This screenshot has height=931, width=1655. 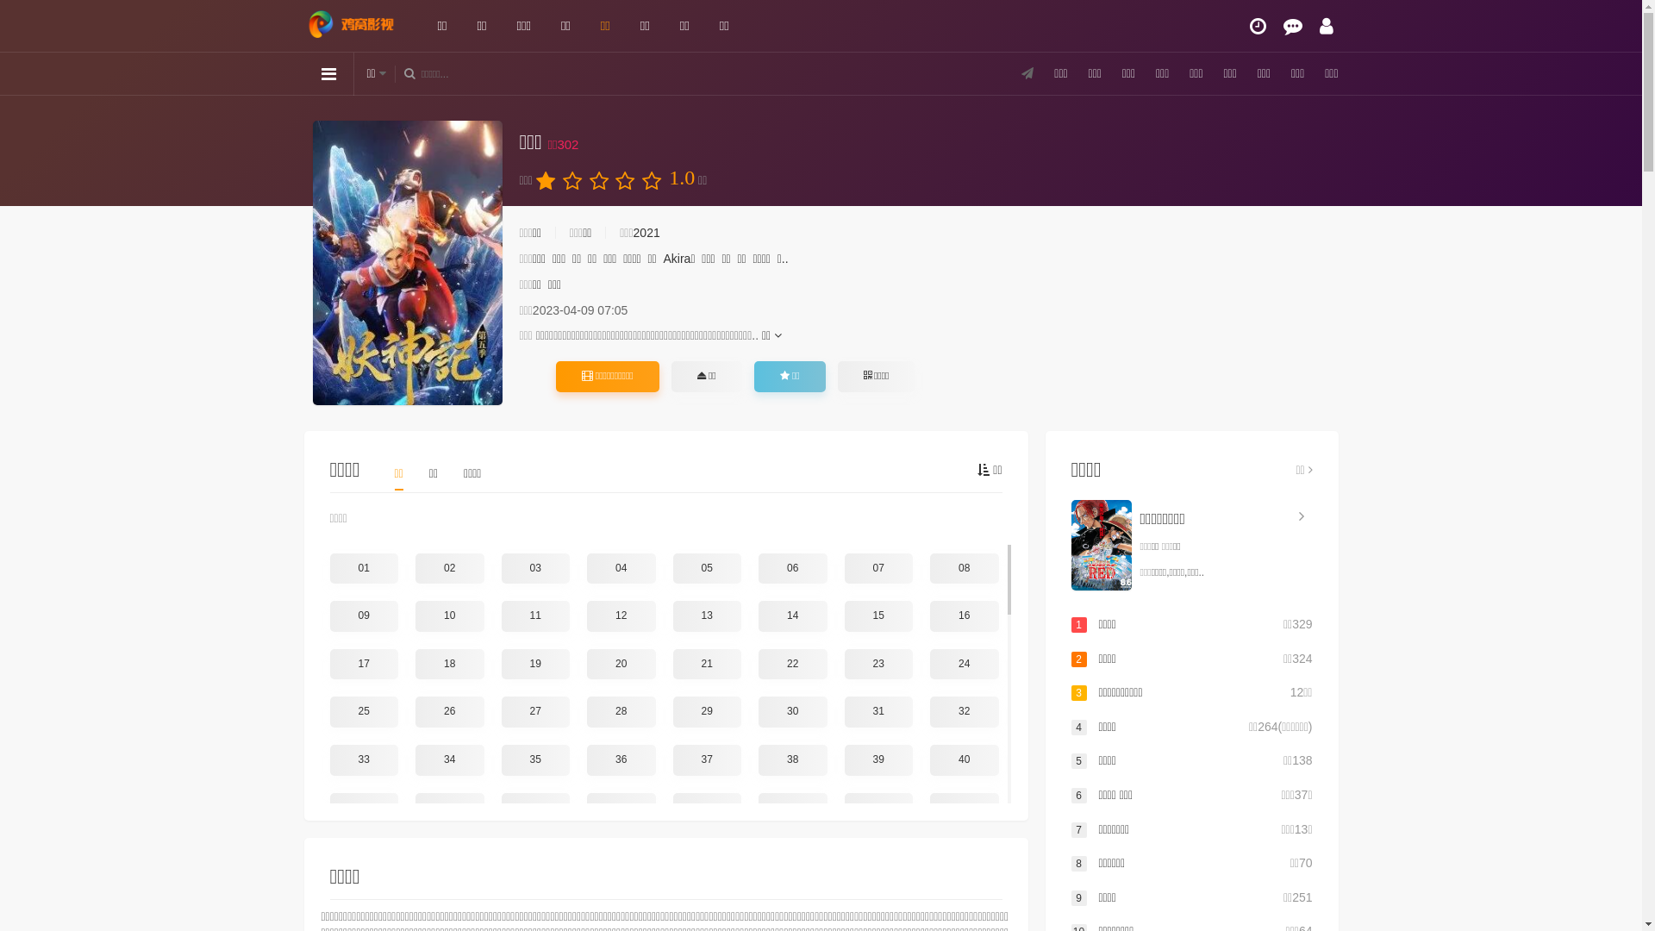 I want to click on '13', so click(x=707, y=615).